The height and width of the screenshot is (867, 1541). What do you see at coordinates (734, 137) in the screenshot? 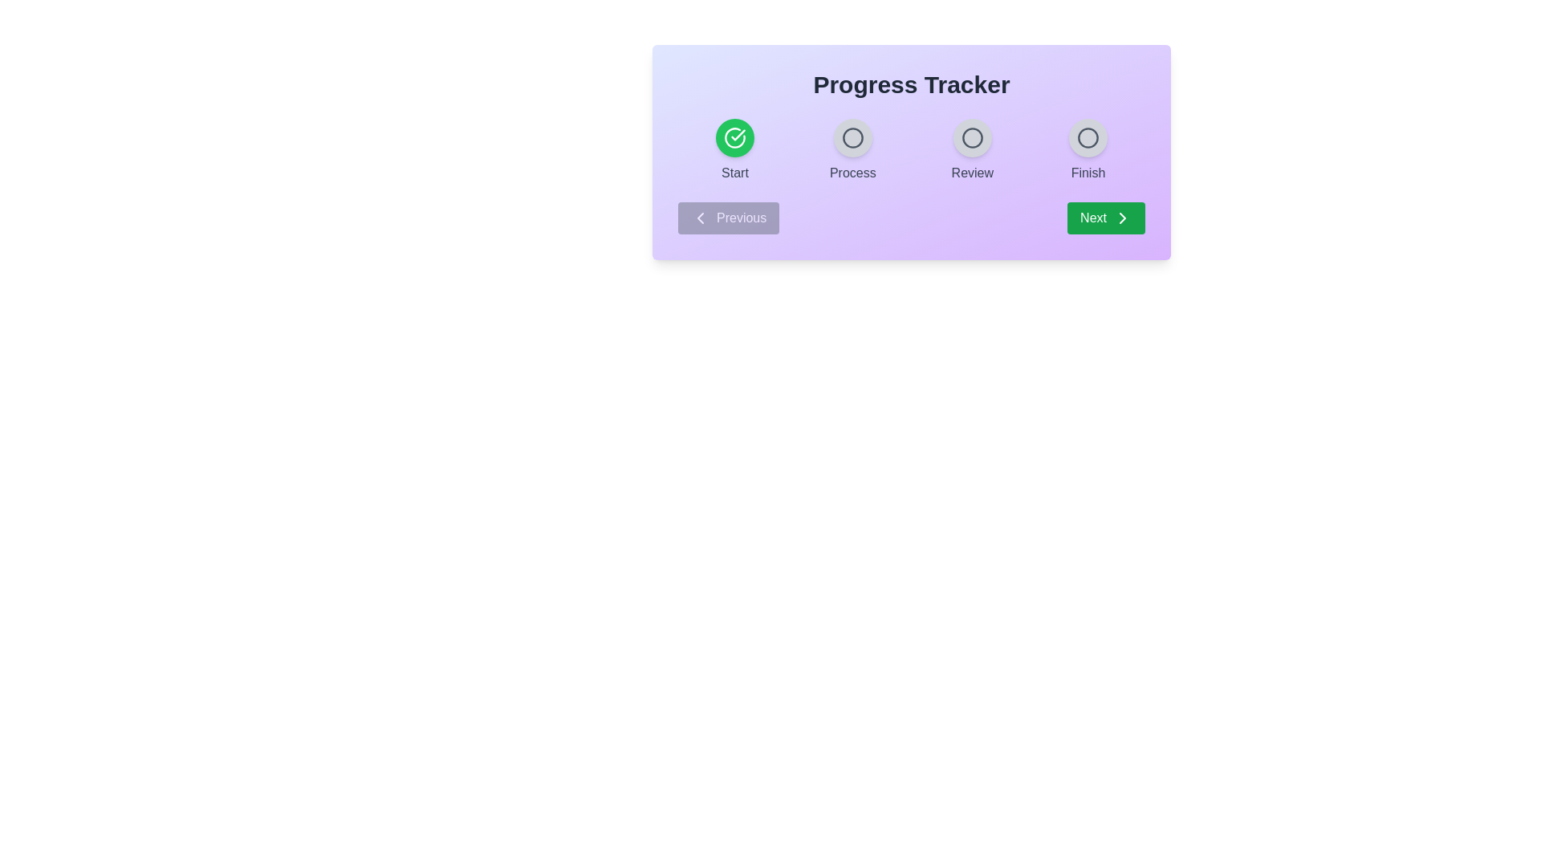
I see `the outer circular border of the checkmark icon in the progress tracker, located immediately left of the 'Start' text` at bounding box center [734, 137].